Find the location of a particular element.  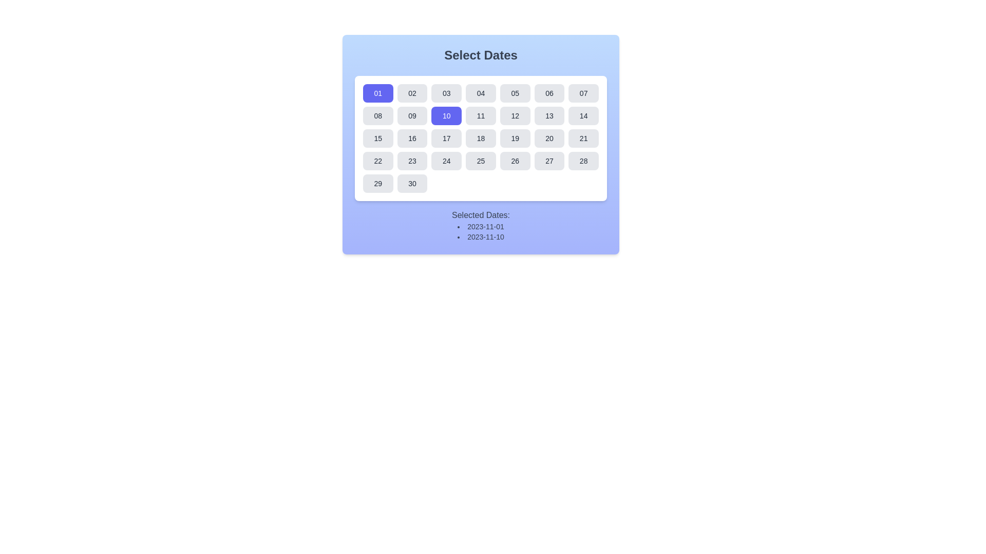

the button labeled '28' in the calendar dialog titled 'Select Dates' is located at coordinates (583, 161).